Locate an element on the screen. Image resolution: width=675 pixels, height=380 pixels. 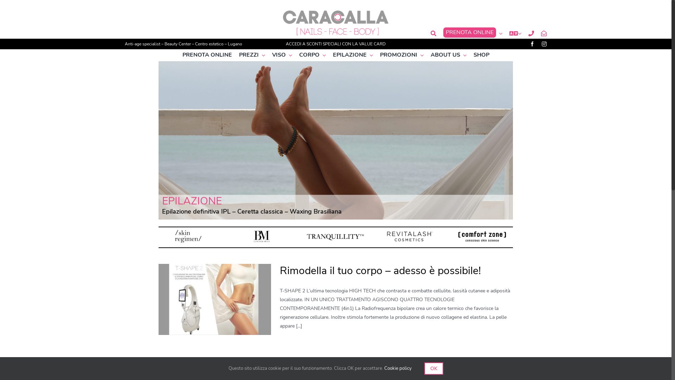
'OK' is located at coordinates (423, 368).